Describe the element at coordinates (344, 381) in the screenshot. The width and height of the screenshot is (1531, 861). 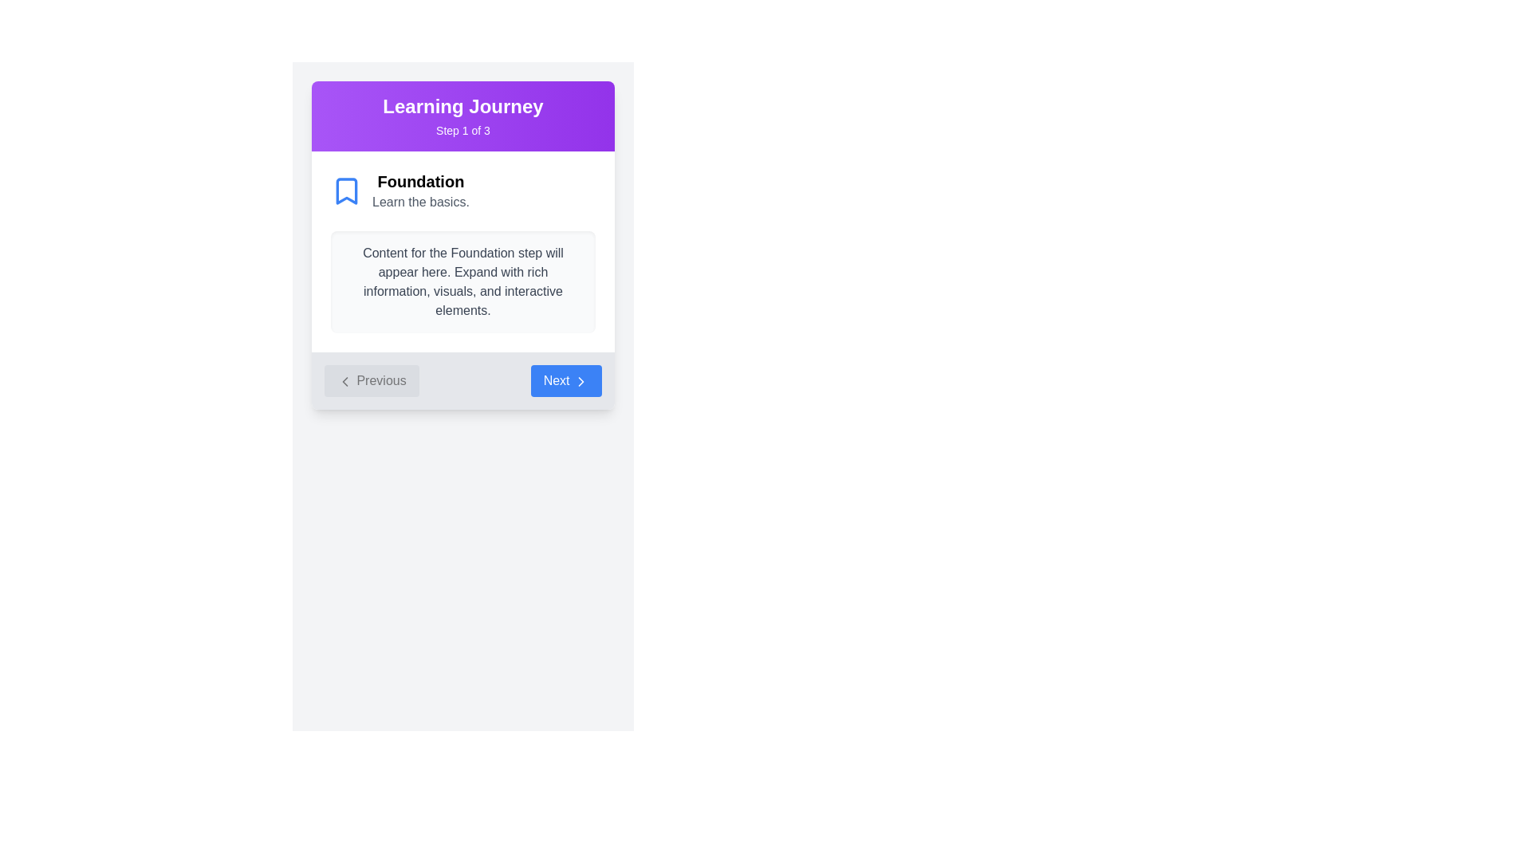
I see `the left-pointing chevron icon that is part of the 'Previous' button in the navigation controls` at that location.